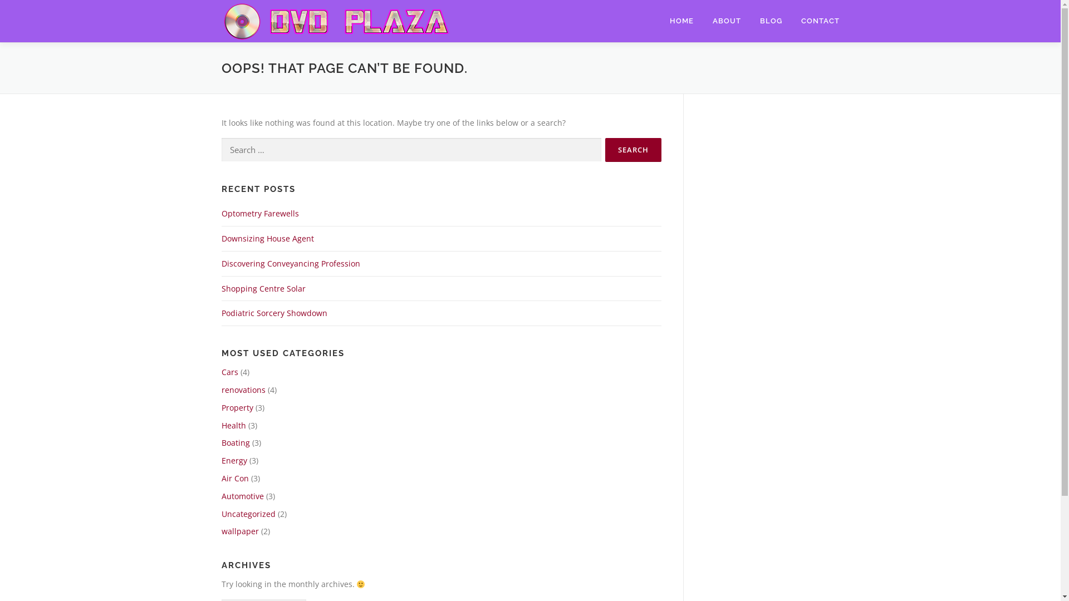 This screenshot has height=601, width=1069. I want to click on 'wallpaper', so click(239, 530).